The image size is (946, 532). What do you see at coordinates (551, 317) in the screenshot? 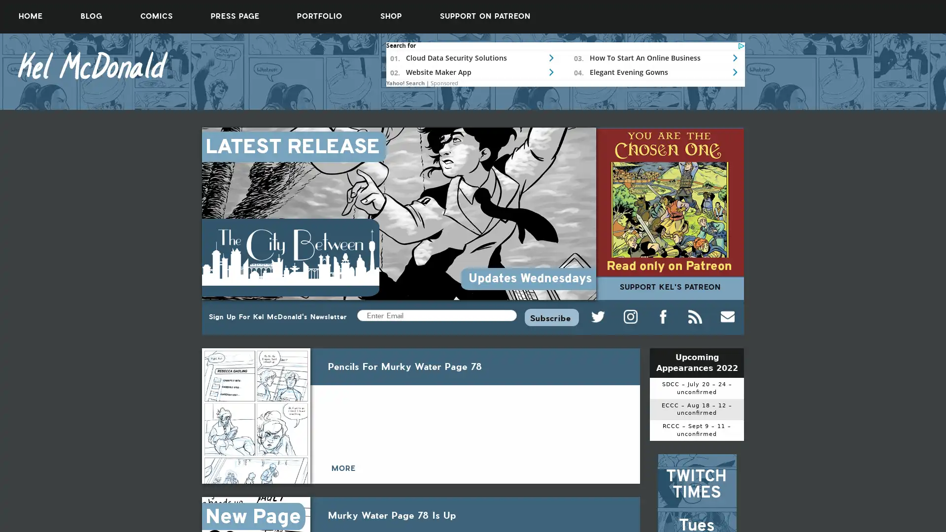
I see `Subscribe` at bounding box center [551, 317].